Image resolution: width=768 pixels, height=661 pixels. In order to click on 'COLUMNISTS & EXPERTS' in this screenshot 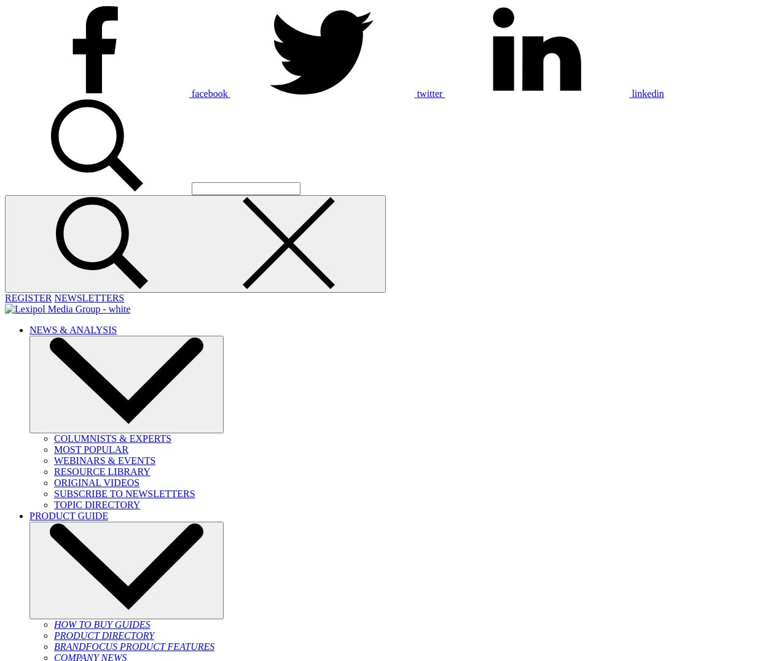, I will do `click(112, 438)`.